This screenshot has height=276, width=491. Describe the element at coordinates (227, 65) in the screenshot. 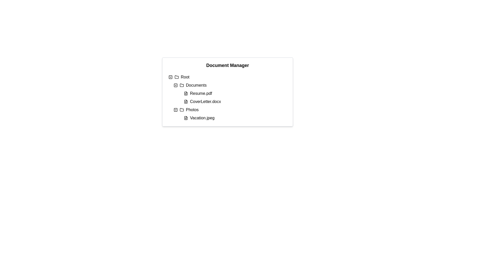

I see `the text label displaying 'Document Manager' at the top of the file system interface` at that location.